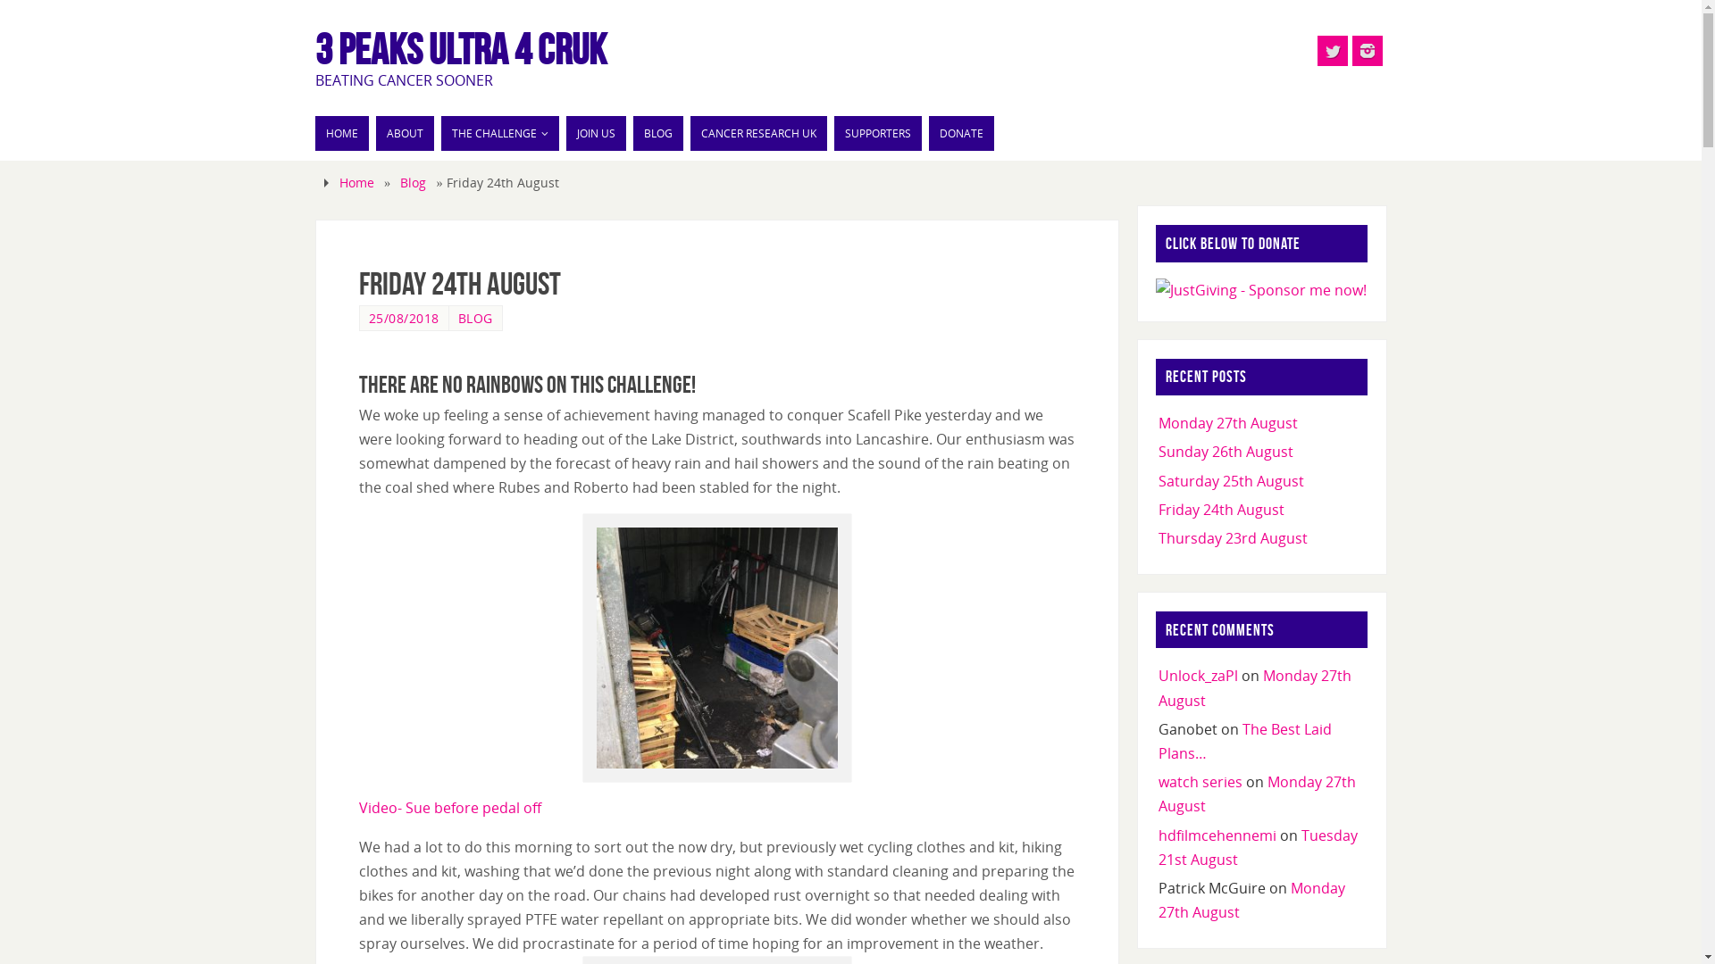  I want to click on 'Unlock_zaPl', so click(1198, 675).